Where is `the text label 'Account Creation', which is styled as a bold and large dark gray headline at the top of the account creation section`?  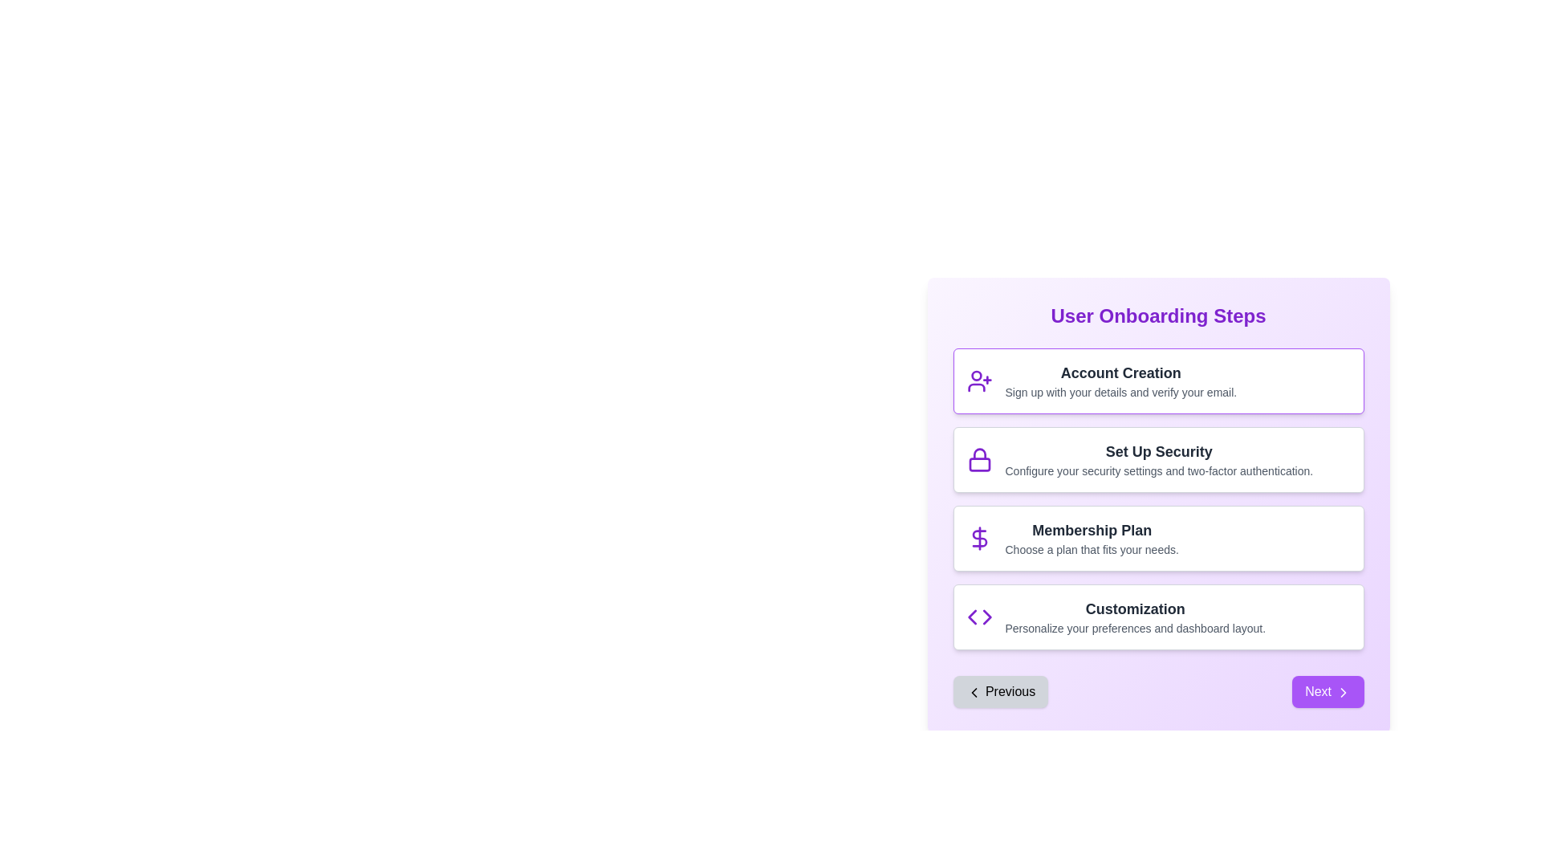 the text label 'Account Creation', which is styled as a bold and large dark gray headline at the top of the account creation section is located at coordinates (1120, 373).